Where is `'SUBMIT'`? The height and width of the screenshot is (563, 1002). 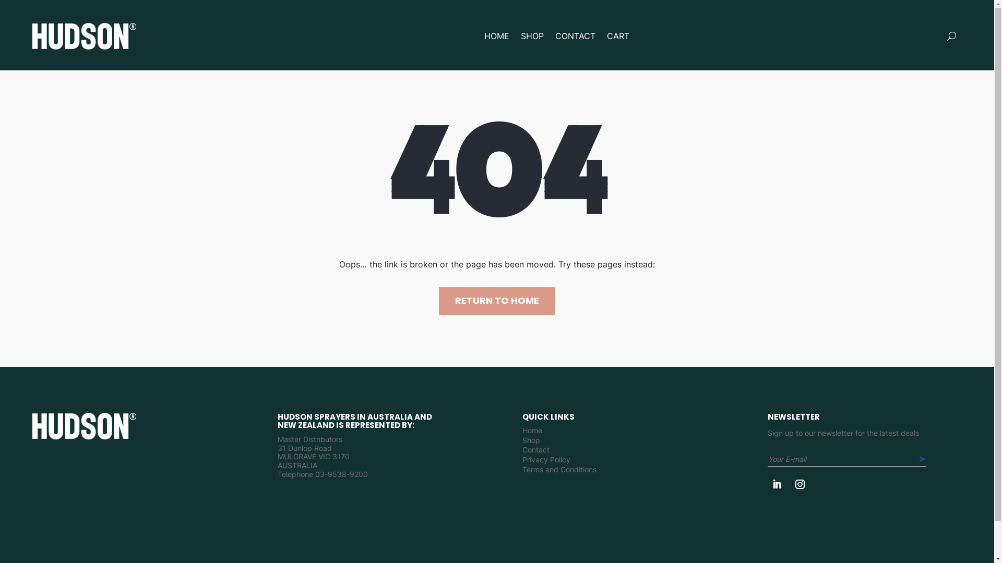
'SUBMIT' is located at coordinates (929, 458).